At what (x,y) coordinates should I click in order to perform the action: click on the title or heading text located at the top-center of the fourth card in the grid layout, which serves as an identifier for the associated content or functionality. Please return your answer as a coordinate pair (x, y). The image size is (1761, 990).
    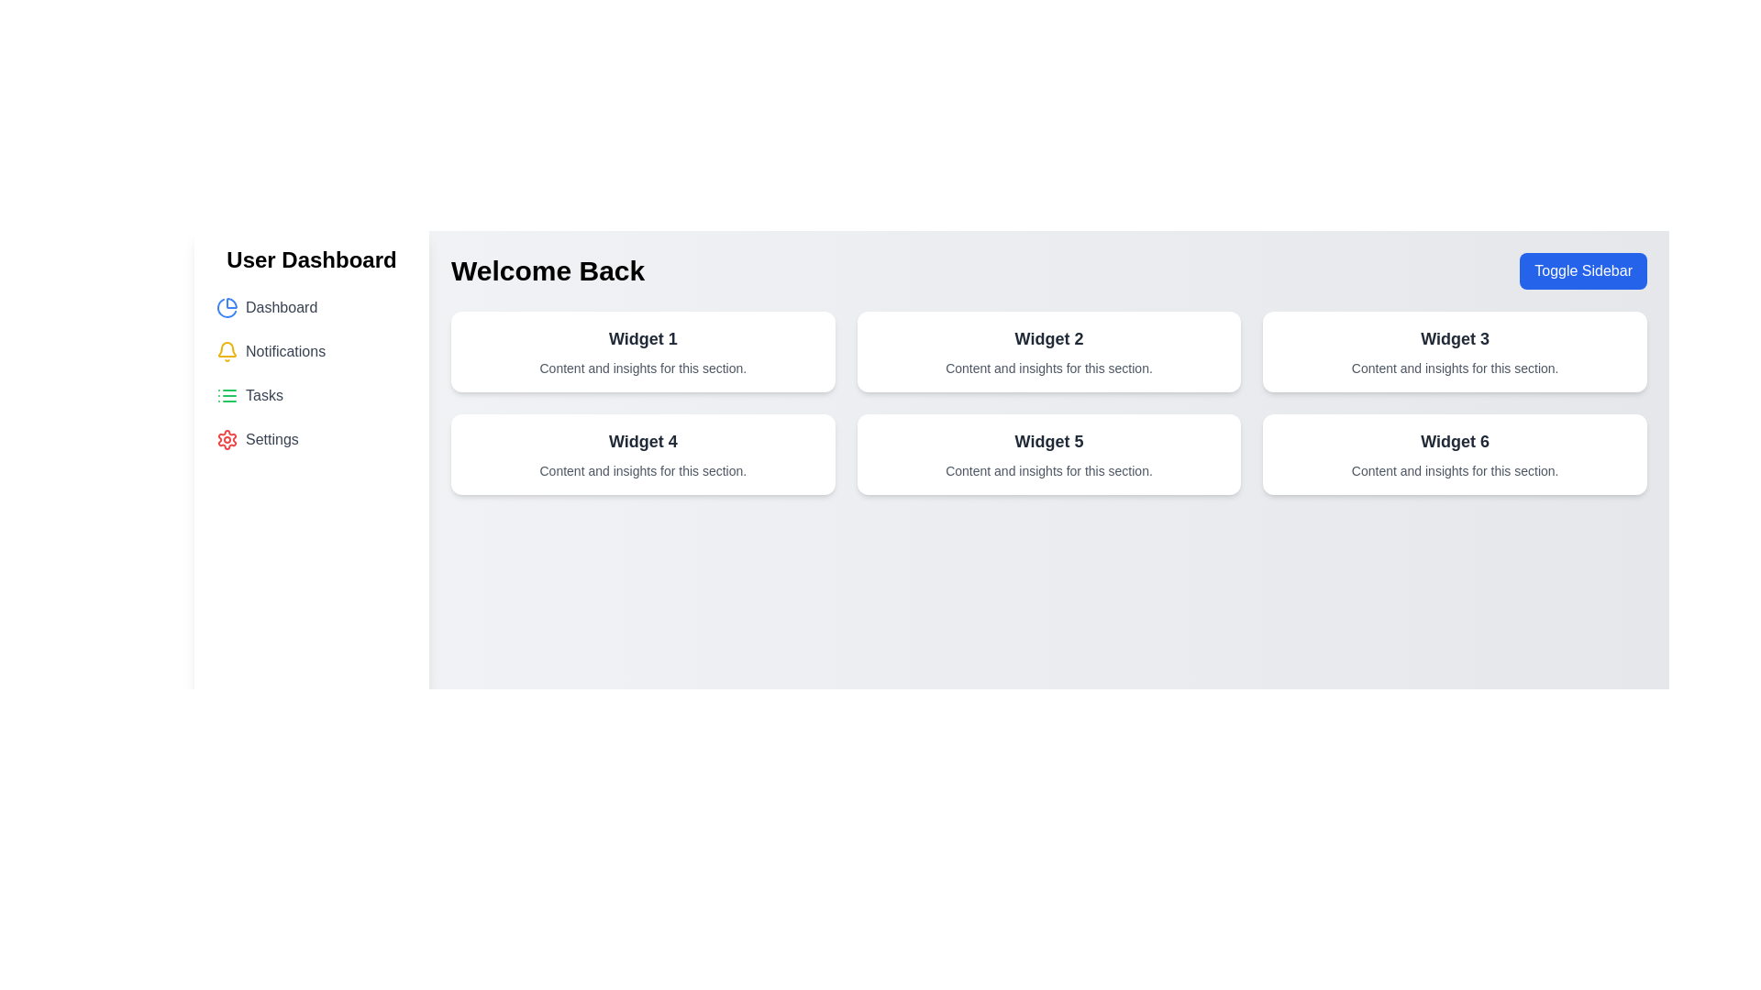
    Looking at the image, I should click on (643, 442).